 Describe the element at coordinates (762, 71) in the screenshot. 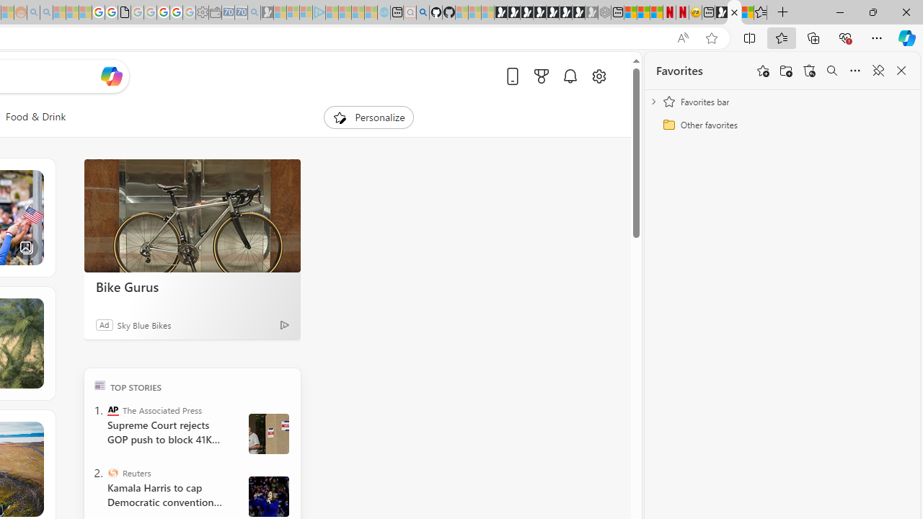

I see `'Add this page to favorites'` at that location.